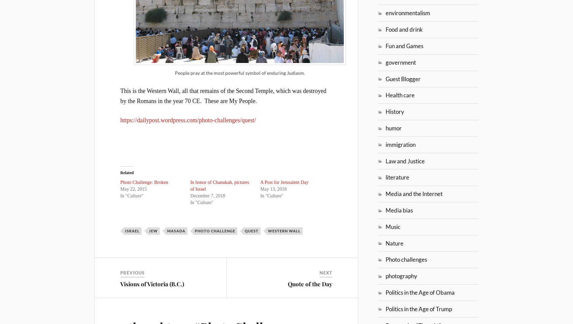 This screenshot has height=324, width=573. I want to click on 'Politics in the Age of Trump', so click(418, 309).